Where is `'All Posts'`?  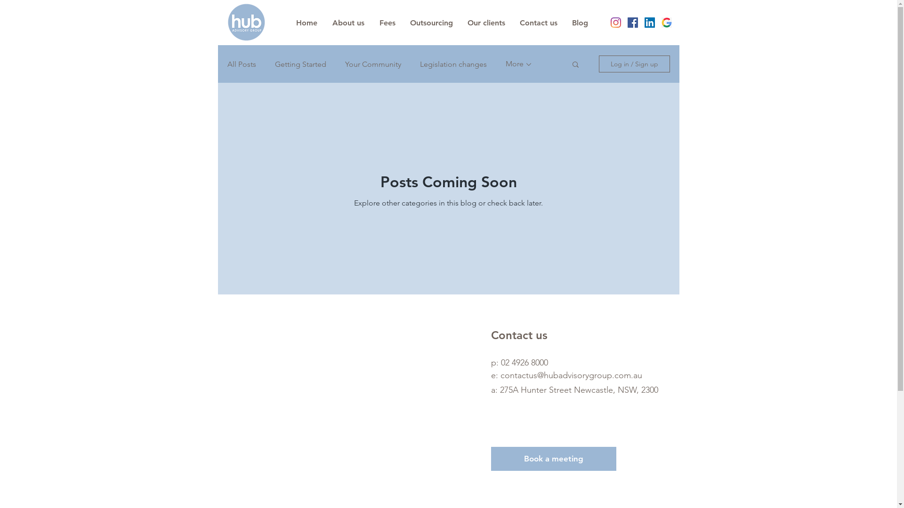
'All Posts' is located at coordinates (241, 63).